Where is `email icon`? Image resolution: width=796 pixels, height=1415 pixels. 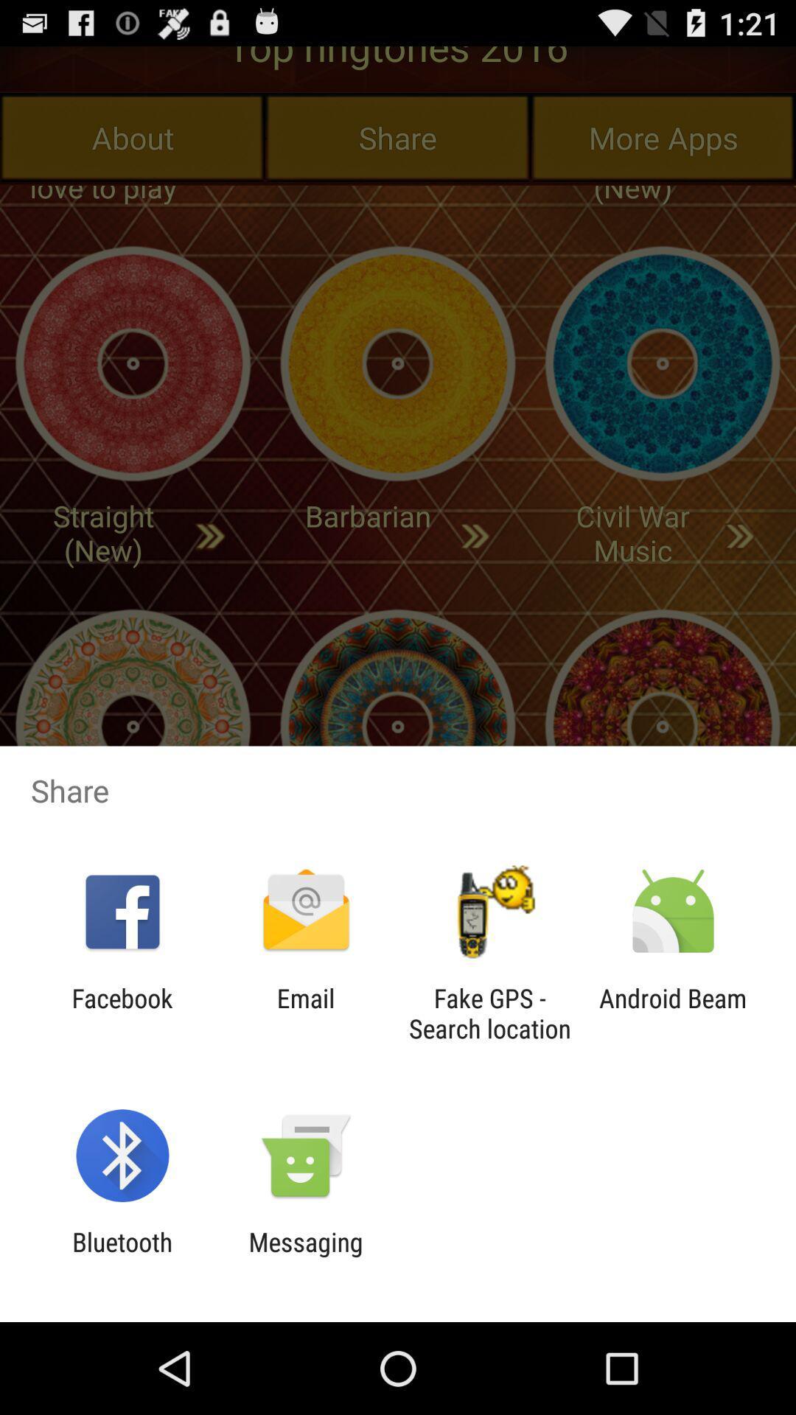 email icon is located at coordinates (305, 1013).